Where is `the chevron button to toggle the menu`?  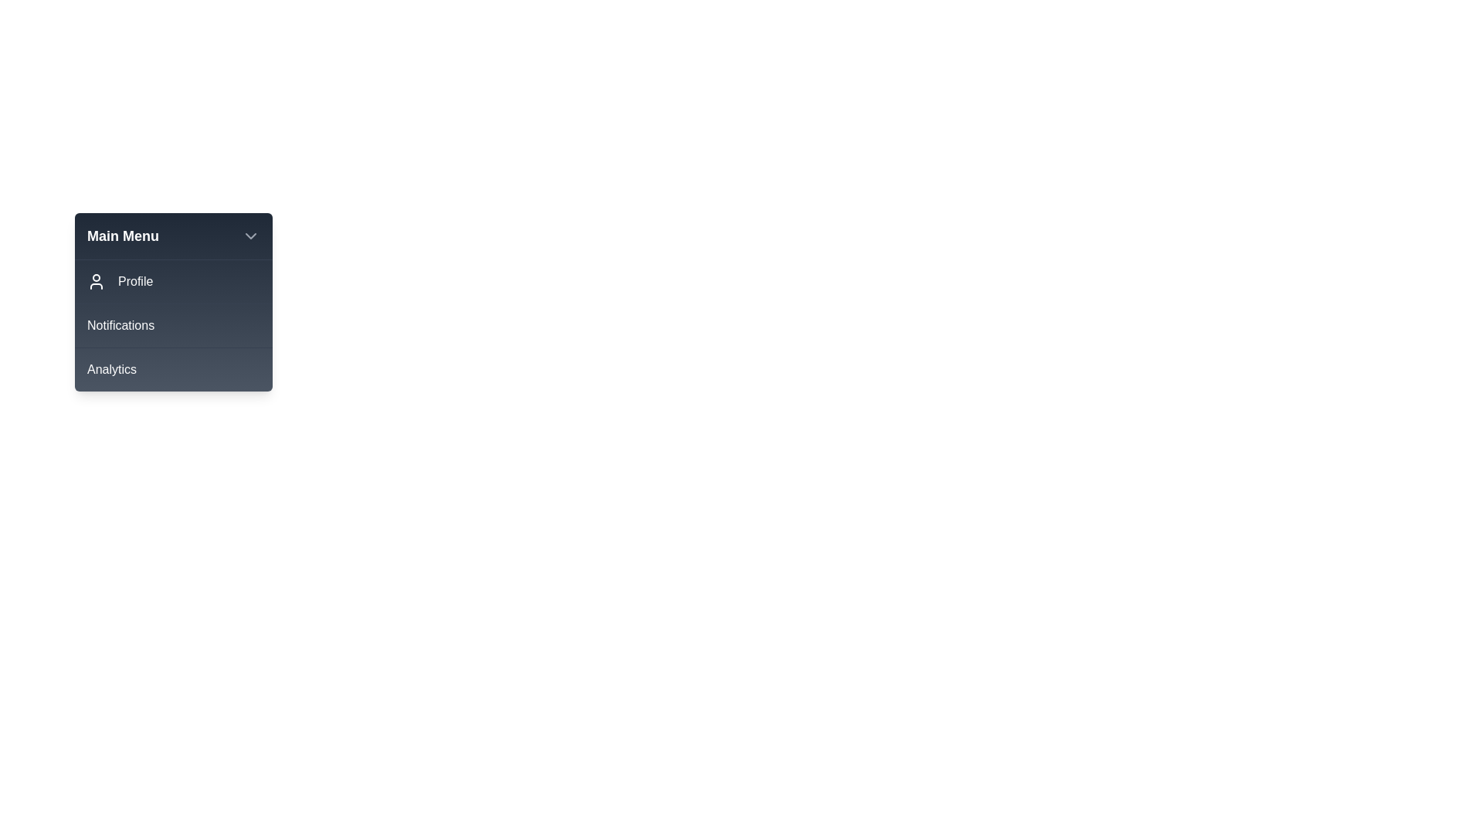
the chevron button to toggle the menu is located at coordinates (251, 236).